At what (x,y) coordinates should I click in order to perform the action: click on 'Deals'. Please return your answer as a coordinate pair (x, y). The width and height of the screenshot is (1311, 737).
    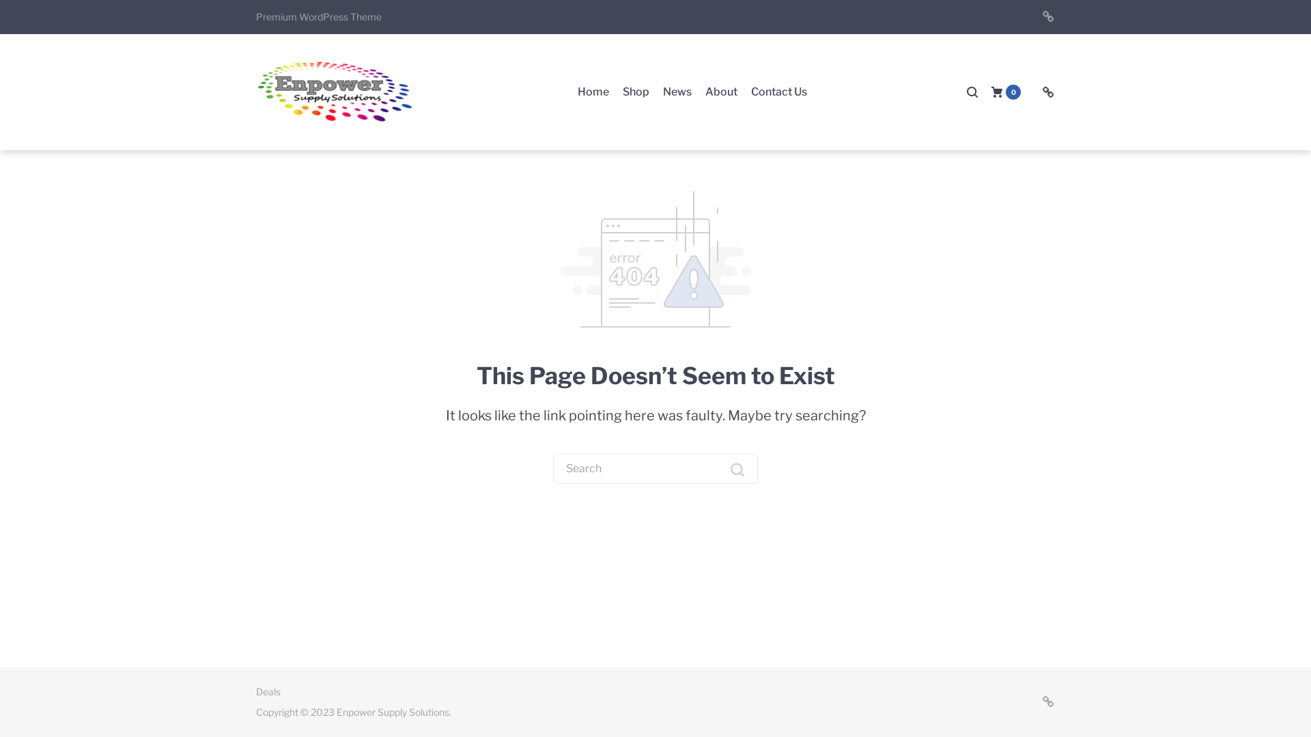
    Looking at the image, I should click on (255, 691).